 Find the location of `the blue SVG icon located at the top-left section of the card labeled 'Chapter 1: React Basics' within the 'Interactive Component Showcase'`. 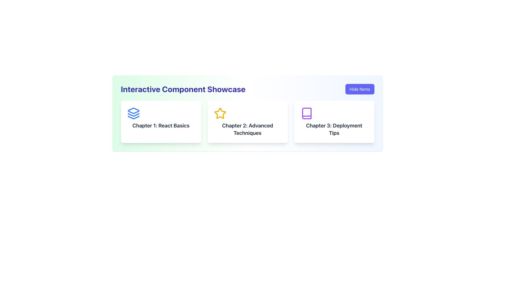

the blue SVG icon located at the top-left section of the card labeled 'Chapter 1: React Basics' within the 'Interactive Component Showcase' is located at coordinates (133, 113).